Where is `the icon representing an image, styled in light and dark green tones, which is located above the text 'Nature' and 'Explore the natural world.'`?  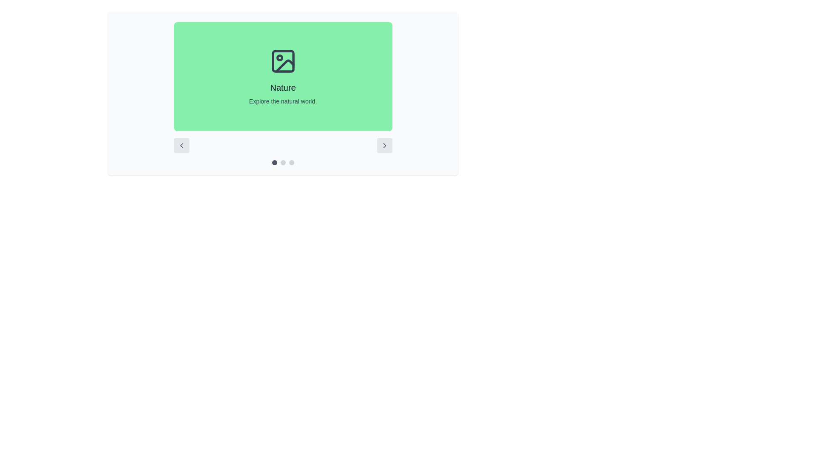 the icon representing an image, styled in light and dark green tones, which is located above the text 'Nature' and 'Explore the natural world.' is located at coordinates (283, 60).